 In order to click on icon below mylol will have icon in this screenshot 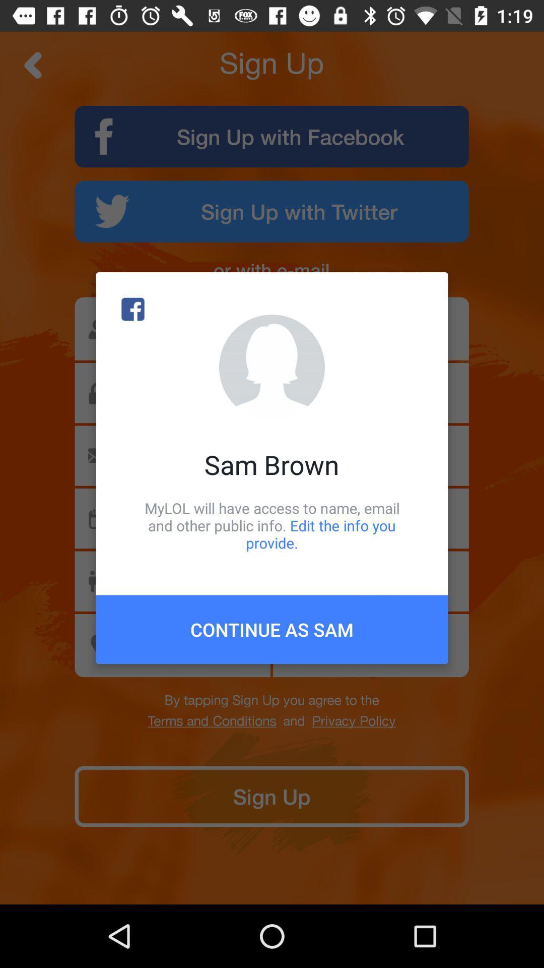, I will do `click(272, 629)`.